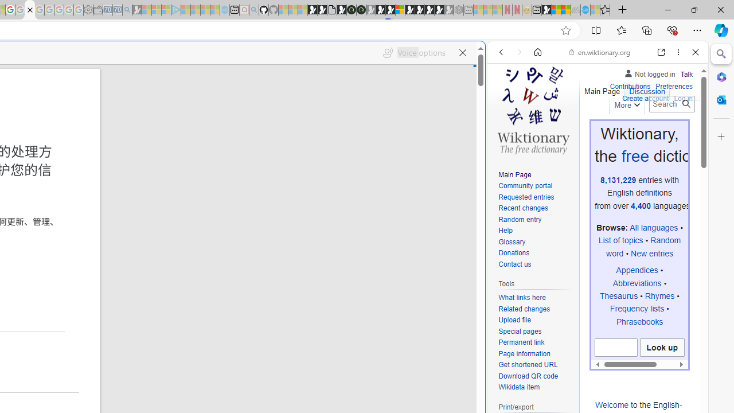 The width and height of the screenshot is (734, 413). Describe the element at coordinates (394, 244) in the screenshot. I see `'Home | Sky Blue Bikes - Sky Blue Bikes'` at that location.